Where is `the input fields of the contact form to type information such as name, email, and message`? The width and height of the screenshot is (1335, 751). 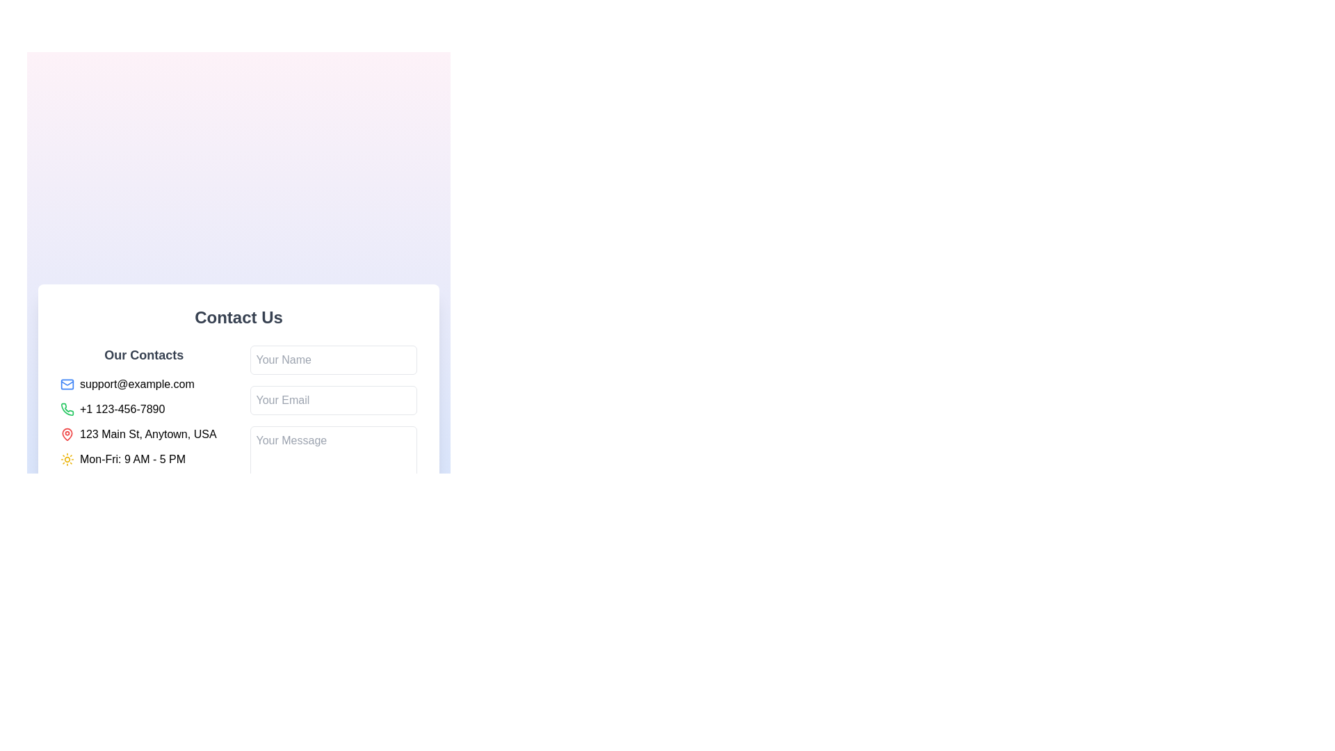
the input fields of the contact form to type information such as name, email, and message is located at coordinates (238, 426).